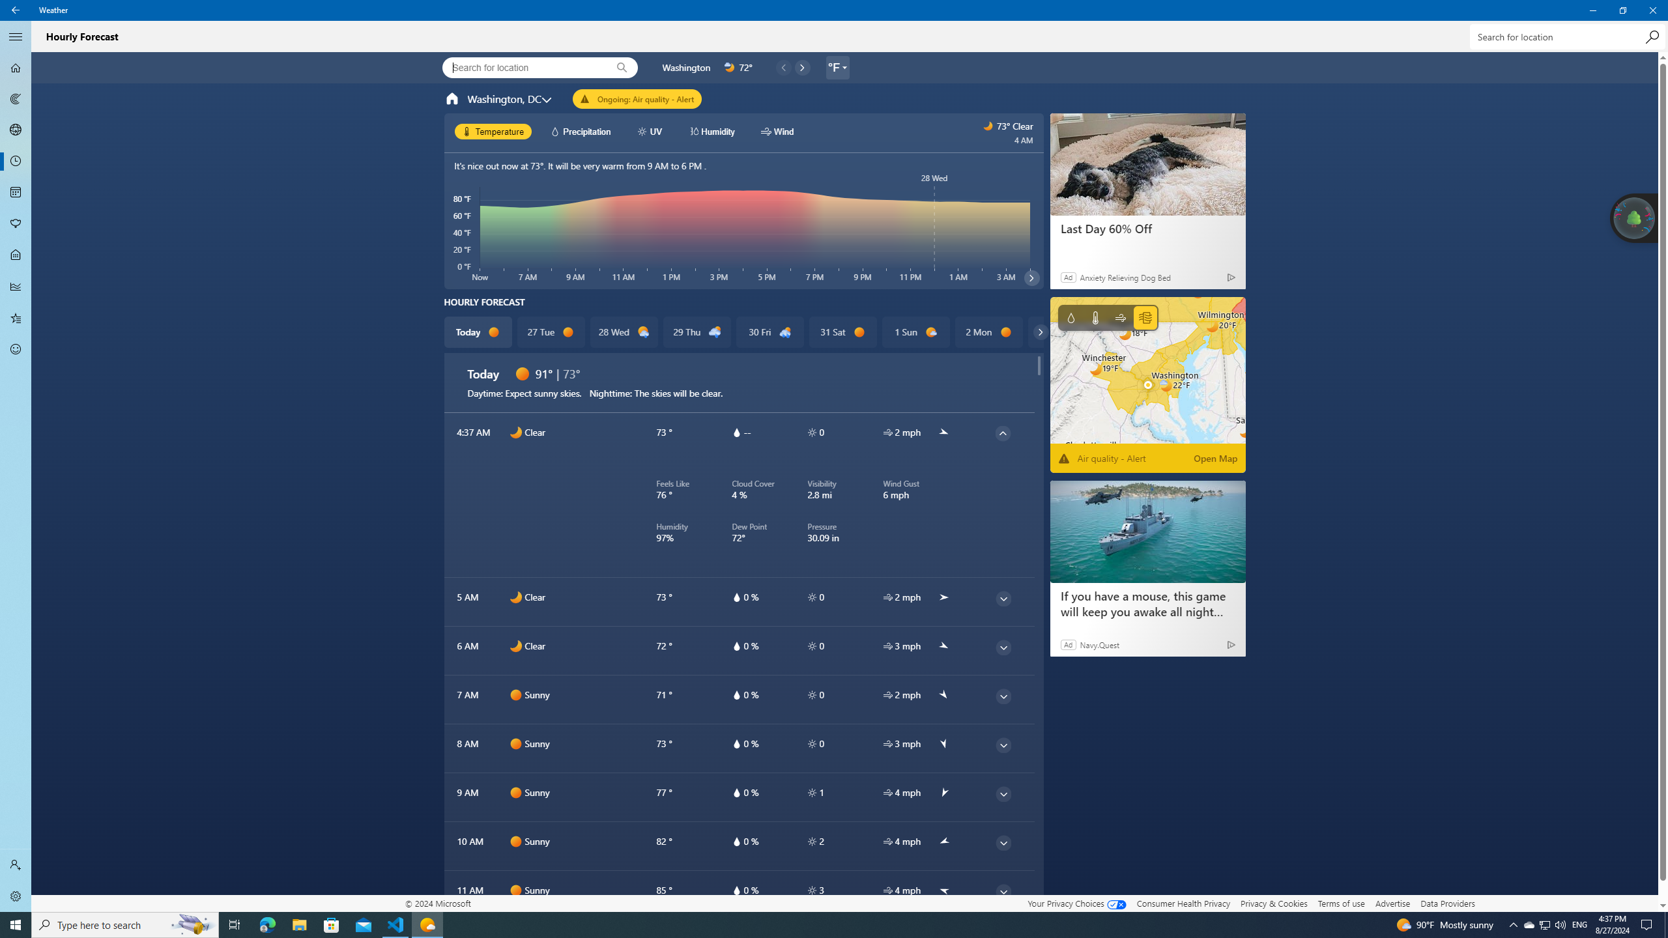 This screenshot has height=938, width=1668. What do you see at coordinates (1559, 924) in the screenshot?
I see `'Q2790: 100%'` at bounding box center [1559, 924].